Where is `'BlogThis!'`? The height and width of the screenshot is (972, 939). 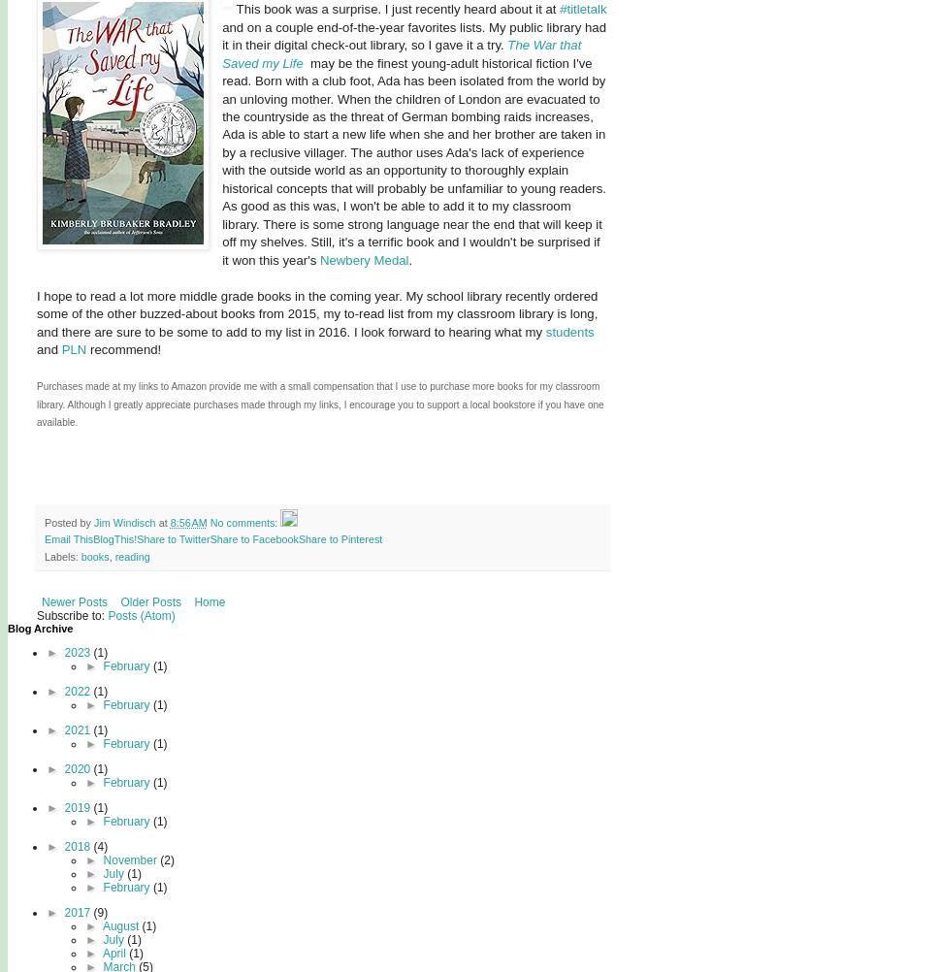 'BlogThis!' is located at coordinates (114, 539).